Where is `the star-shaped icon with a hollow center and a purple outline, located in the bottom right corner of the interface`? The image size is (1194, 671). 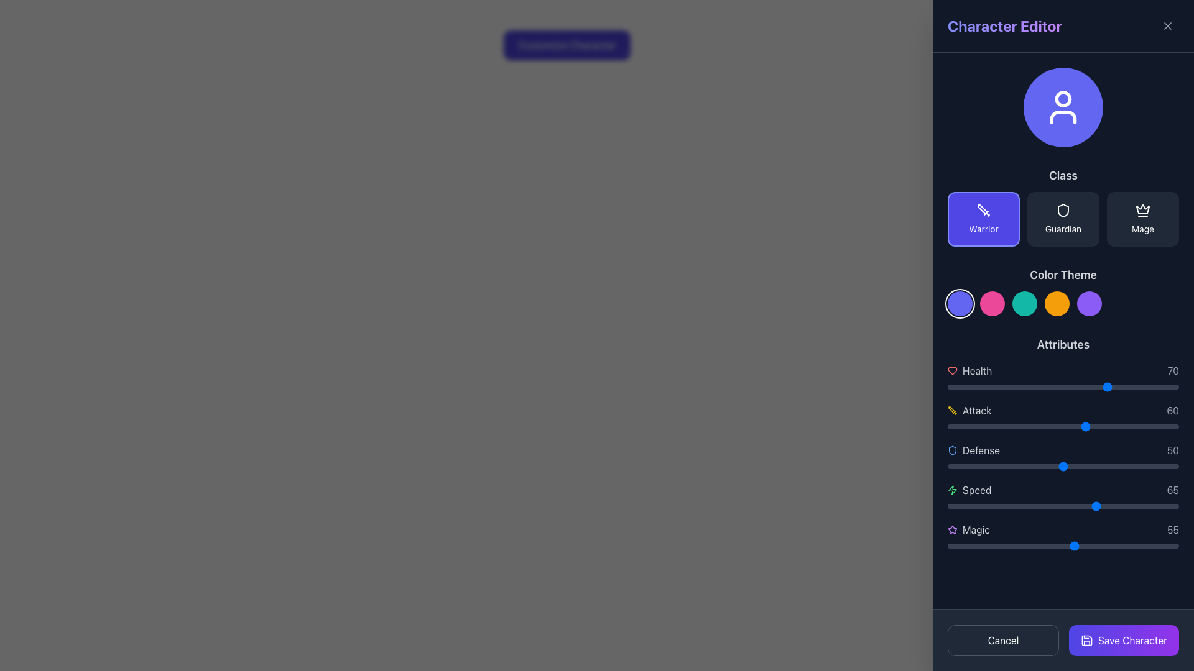
the star-shaped icon with a hollow center and a purple outline, located in the bottom right corner of the interface is located at coordinates (951, 529).